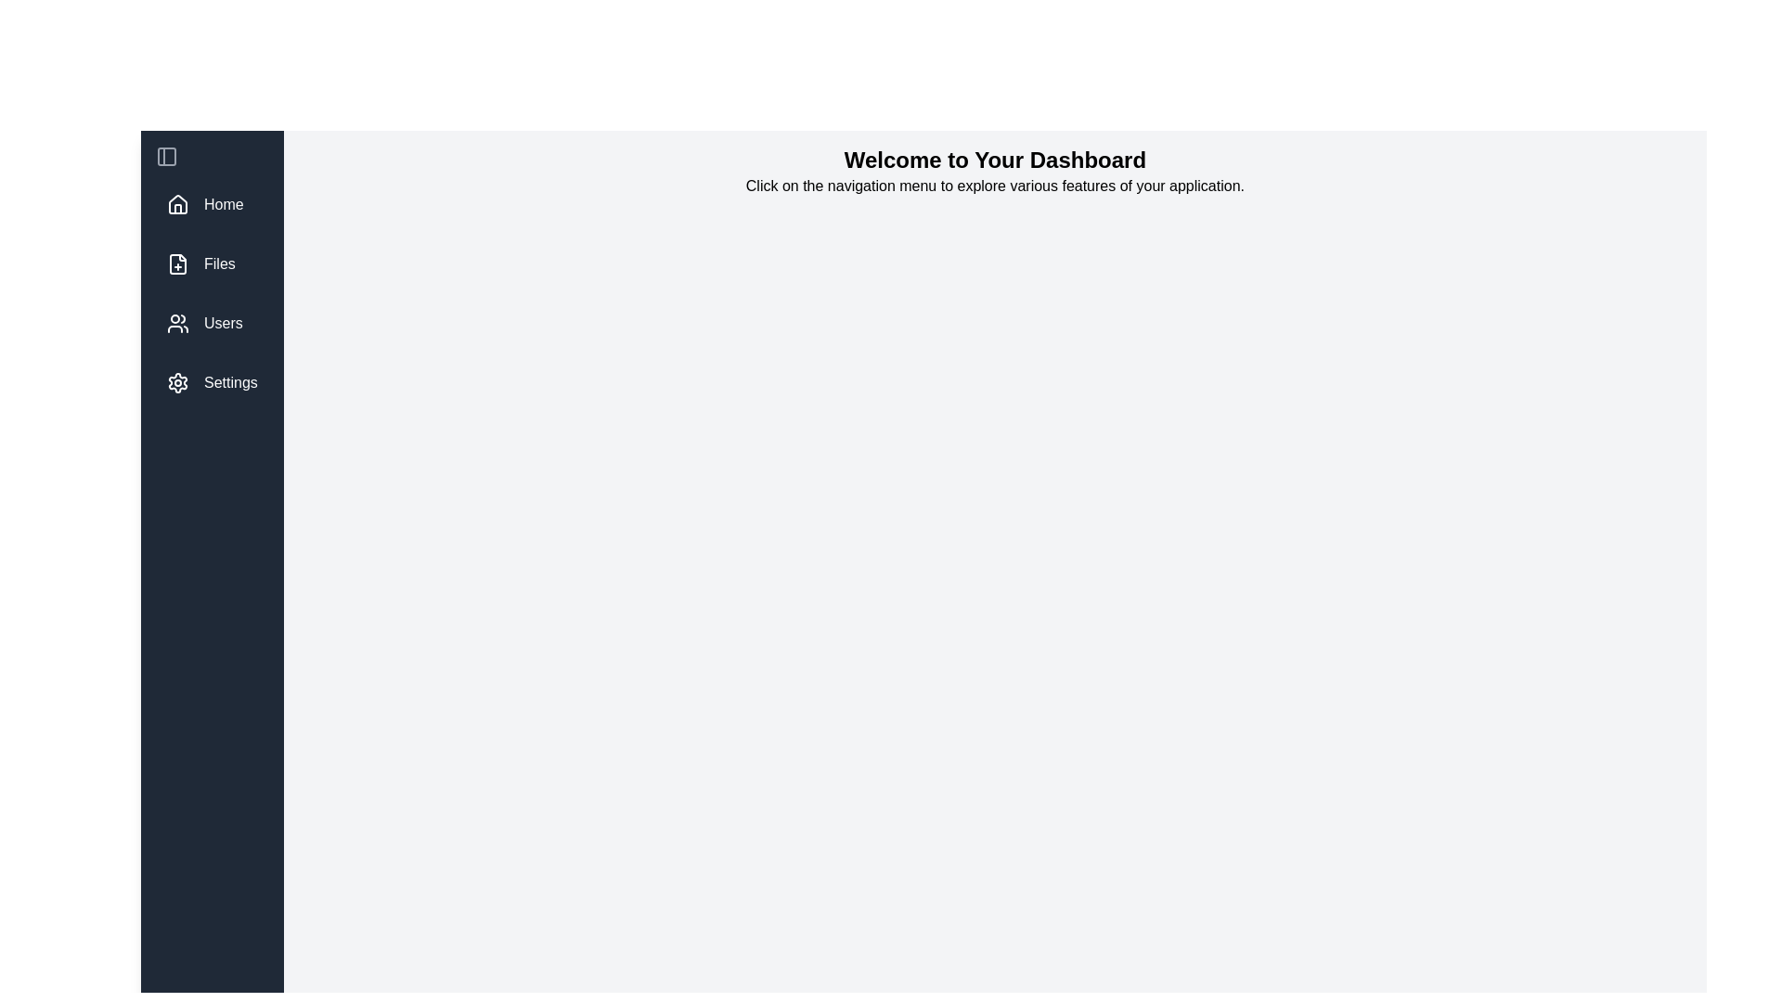  Describe the element at coordinates (178, 322) in the screenshot. I see `the user icon SVG graphic in the vertical navigation menu, which is located directly before the 'Users' label and above the 'Settings' menu item` at that location.